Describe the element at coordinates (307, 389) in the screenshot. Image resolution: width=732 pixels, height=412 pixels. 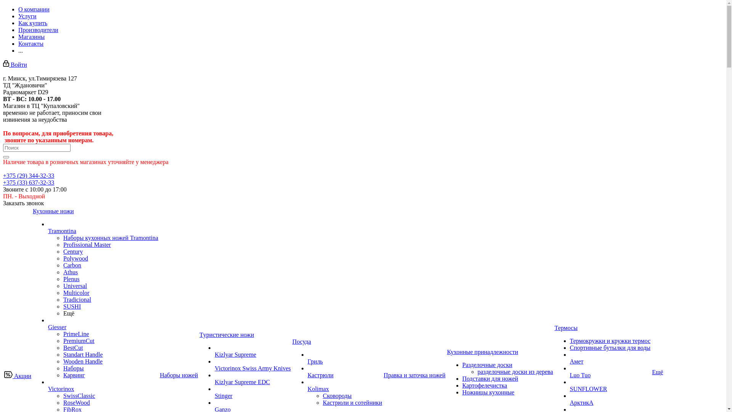
I see `'Kolimax'` at that location.